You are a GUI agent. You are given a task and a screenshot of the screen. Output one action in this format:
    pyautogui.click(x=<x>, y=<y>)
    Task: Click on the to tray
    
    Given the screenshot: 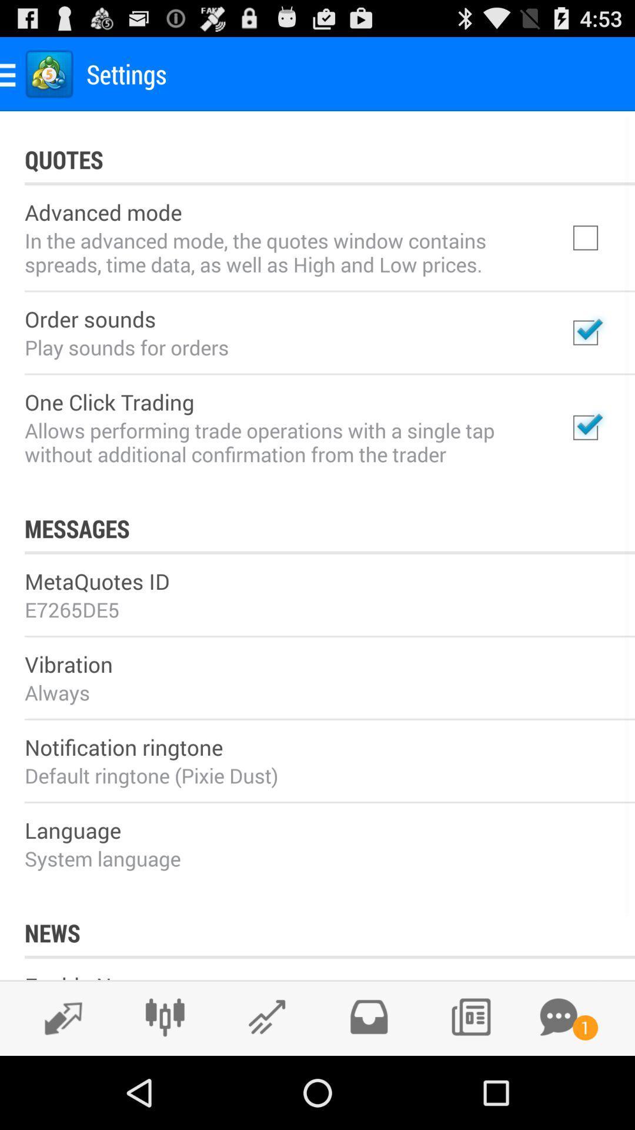 What is the action you would take?
    pyautogui.click(x=368, y=1016)
    